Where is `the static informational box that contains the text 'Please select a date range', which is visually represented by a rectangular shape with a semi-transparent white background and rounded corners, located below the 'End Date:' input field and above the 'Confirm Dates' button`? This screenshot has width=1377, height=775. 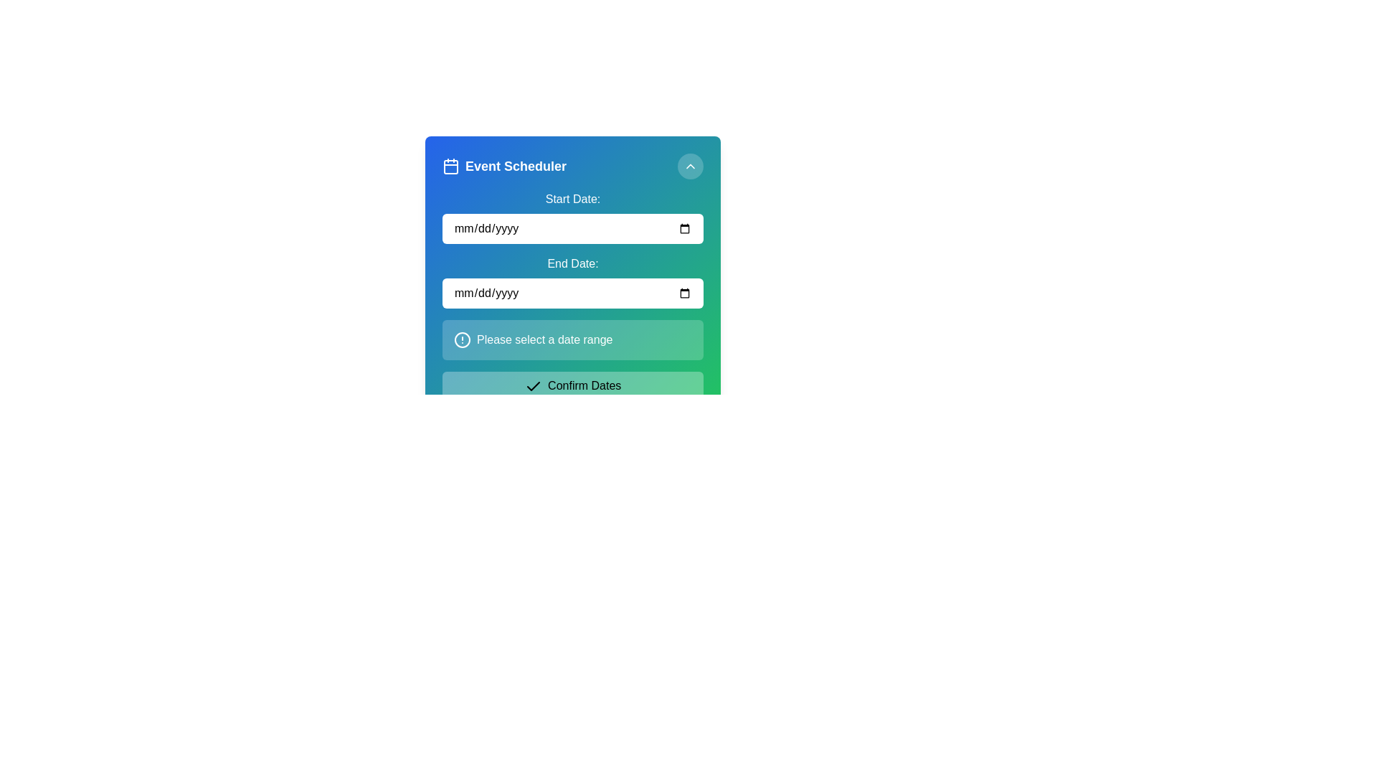 the static informational box that contains the text 'Please select a date range', which is visually represented by a rectangular shape with a semi-transparent white background and rounded corners, located below the 'End Date:' input field and above the 'Confirm Dates' button is located at coordinates (572, 340).